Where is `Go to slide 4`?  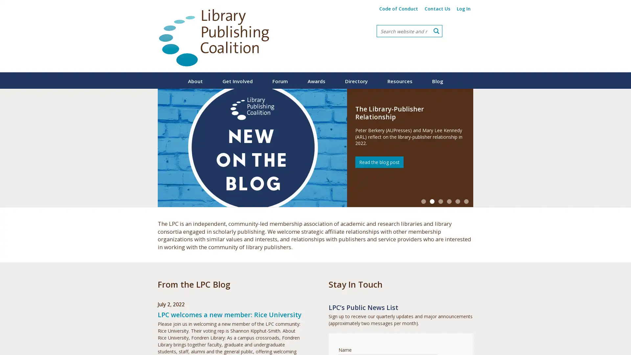
Go to slide 4 is located at coordinates (449, 201).